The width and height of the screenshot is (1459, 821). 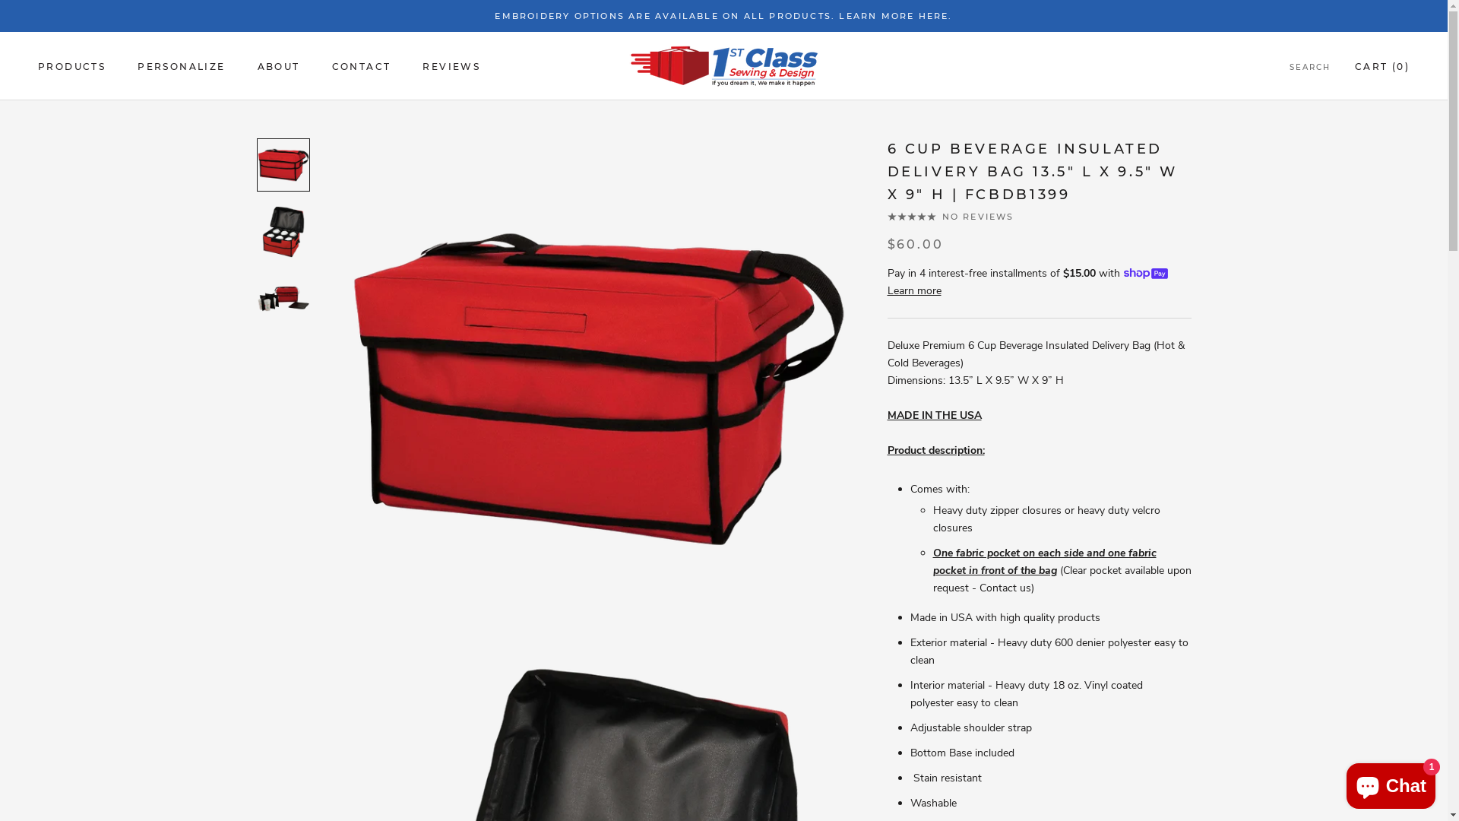 I want to click on 'CART (0)', so click(x=1382, y=65).